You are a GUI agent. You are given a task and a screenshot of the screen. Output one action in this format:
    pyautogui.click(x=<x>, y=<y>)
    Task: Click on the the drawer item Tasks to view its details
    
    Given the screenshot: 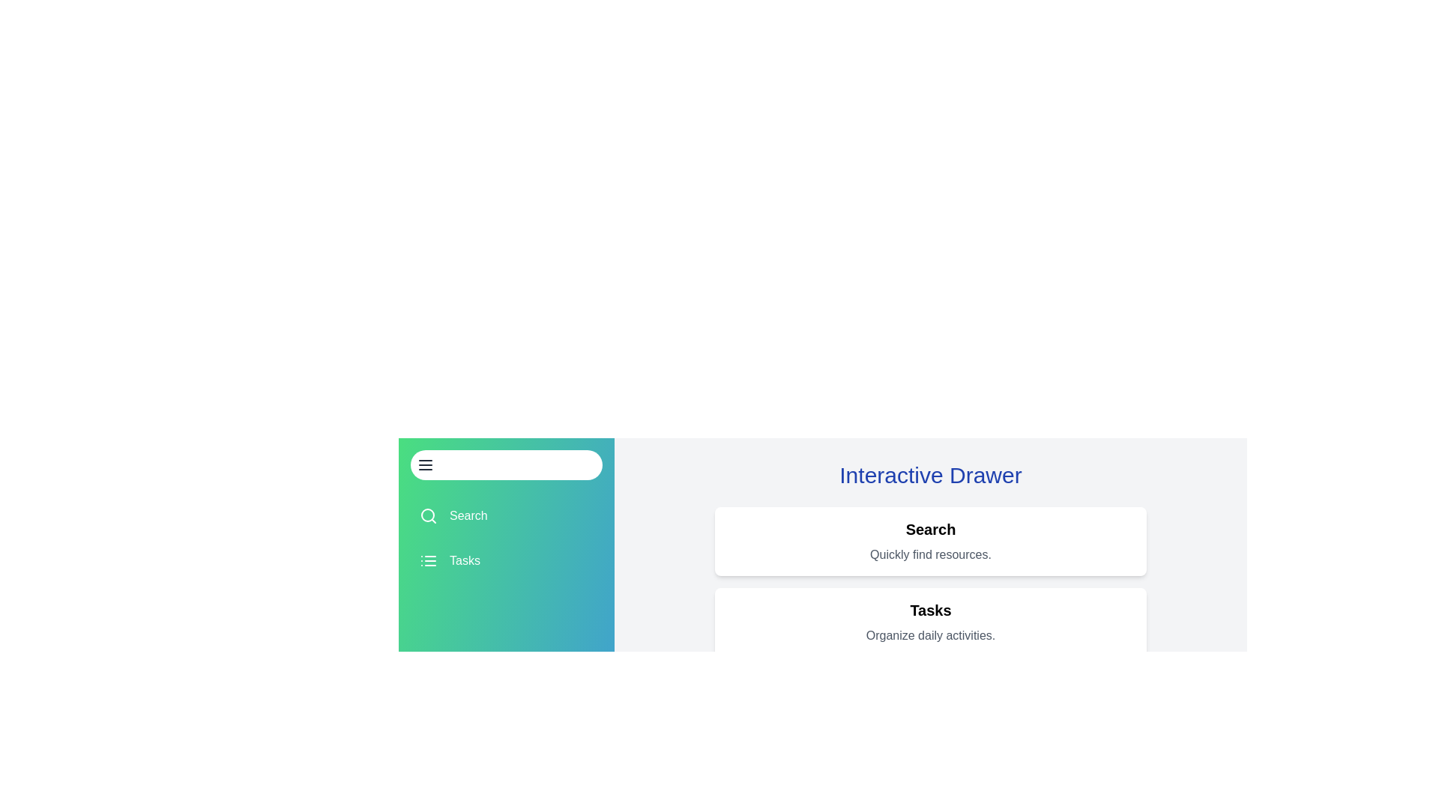 What is the action you would take?
    pyautogui.click(x=507, y=560)
    